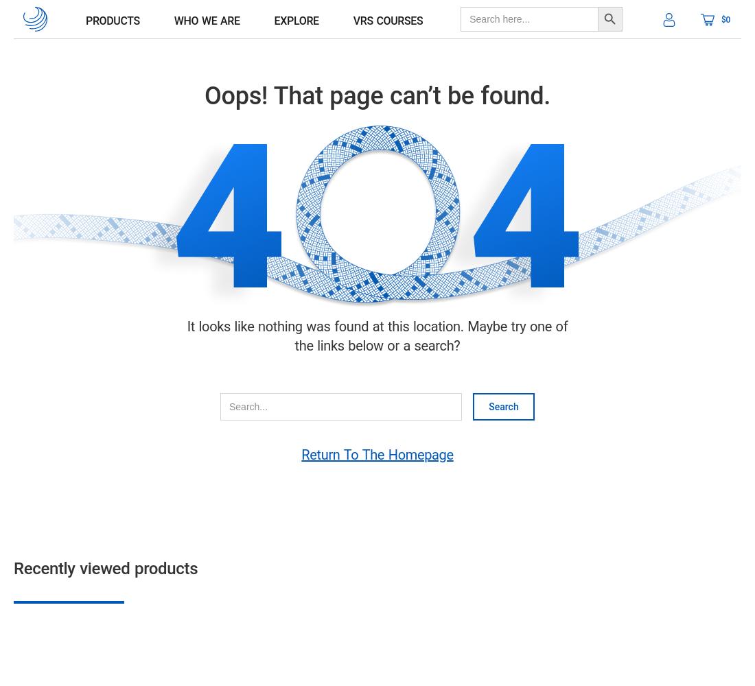 This screenshot has height=686, width=755. I want to click on 'Calendar', so click(80, 77).